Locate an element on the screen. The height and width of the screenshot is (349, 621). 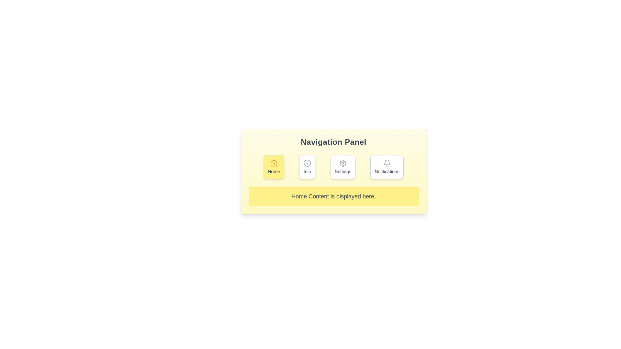
the last button in the navigation panel is located at coordinates (387, 166).